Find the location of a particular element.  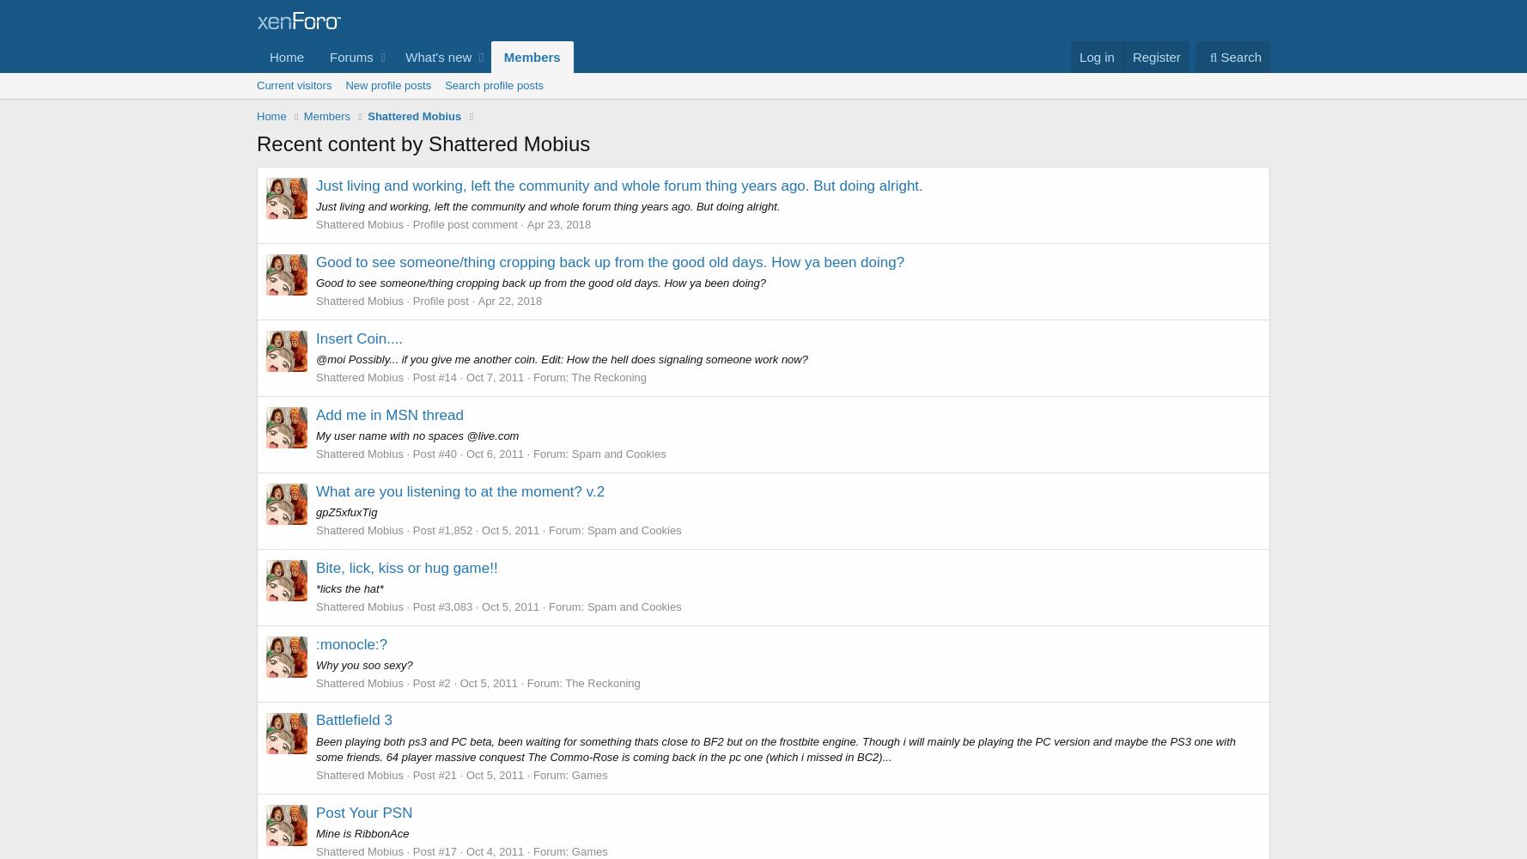

'@moi

Possibly... if you give me another coin.

Edit: How the hell does signaling someone work now?' is located at coordinates (315, 358).